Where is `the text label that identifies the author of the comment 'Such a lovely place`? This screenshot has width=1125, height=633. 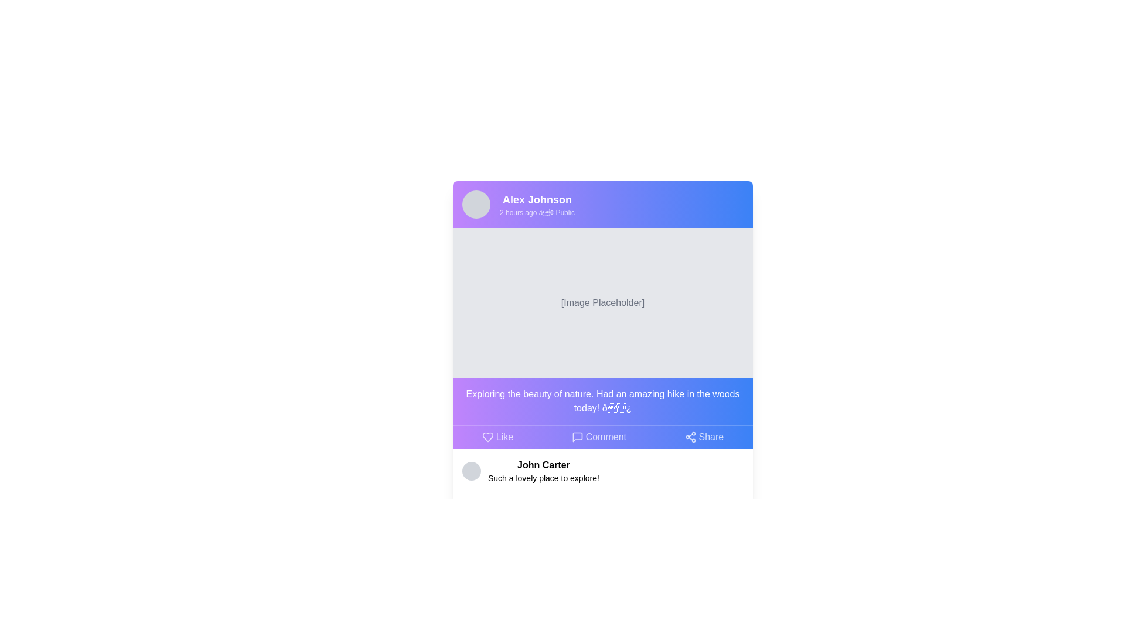
the text label that identifies the author of the comment 'Such a lovely place is located at coordinates (543, 465).